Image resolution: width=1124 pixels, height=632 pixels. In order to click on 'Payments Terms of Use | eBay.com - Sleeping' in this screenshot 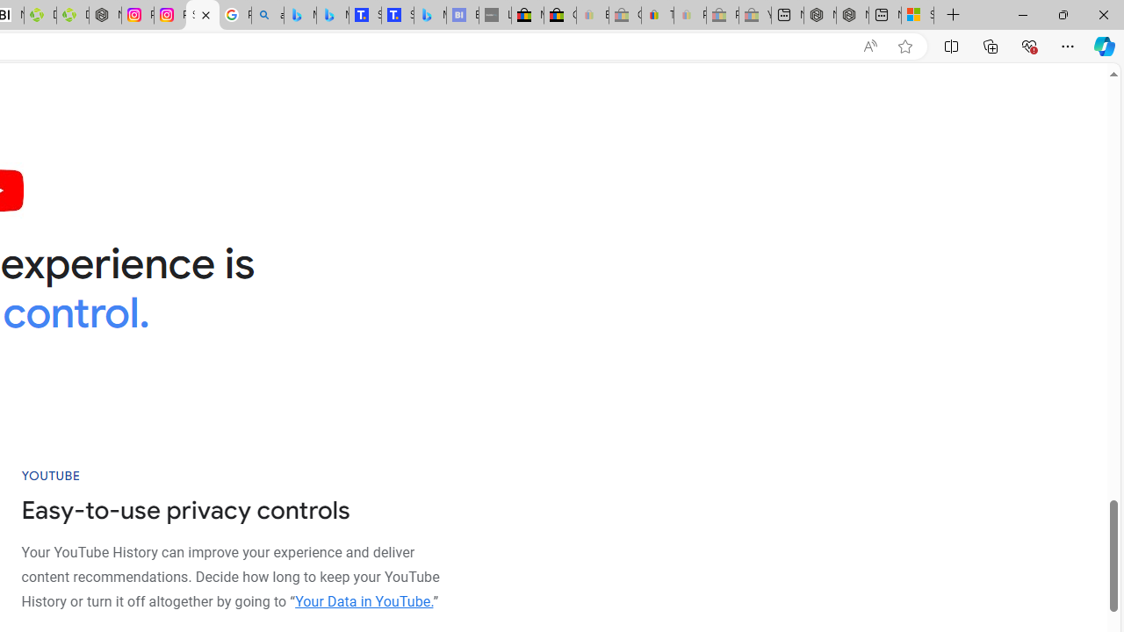, I will do `click(688, 15)`.